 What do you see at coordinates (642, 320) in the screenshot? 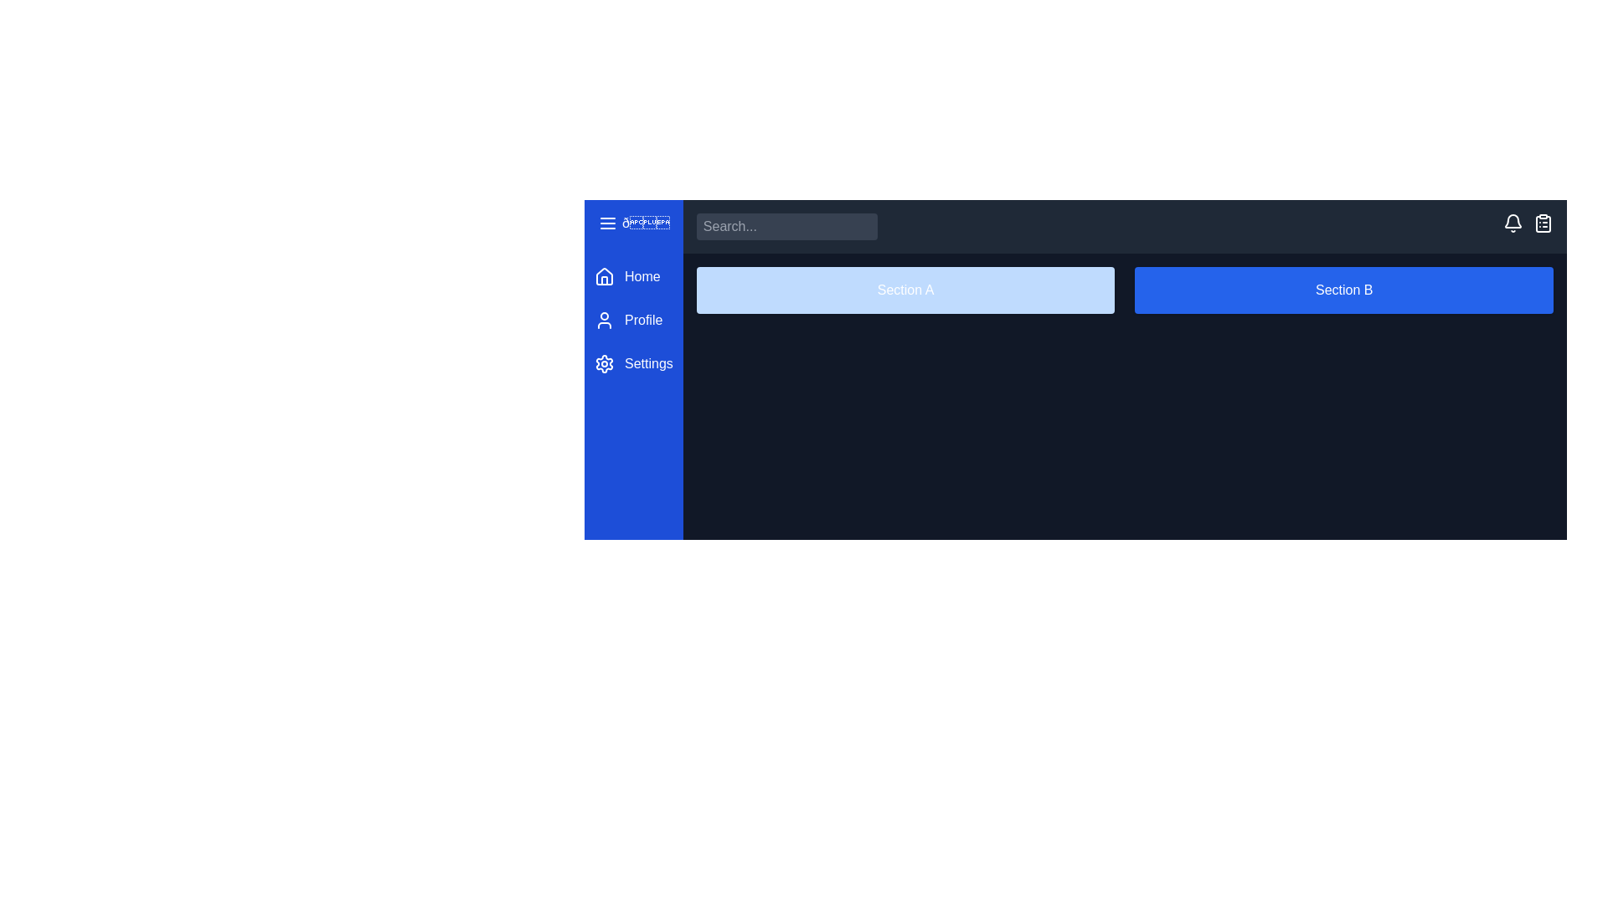
I see `the 'Profile' text label in the vertical navigation menu` at bounding box center [642, 320].